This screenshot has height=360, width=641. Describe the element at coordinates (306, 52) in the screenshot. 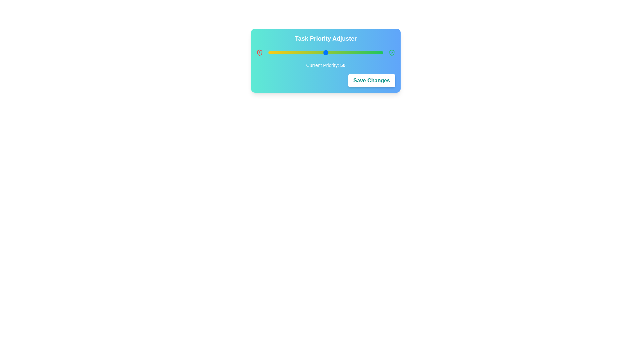

I see `the priority slider to 33 by clicking on the slider track` at that location.